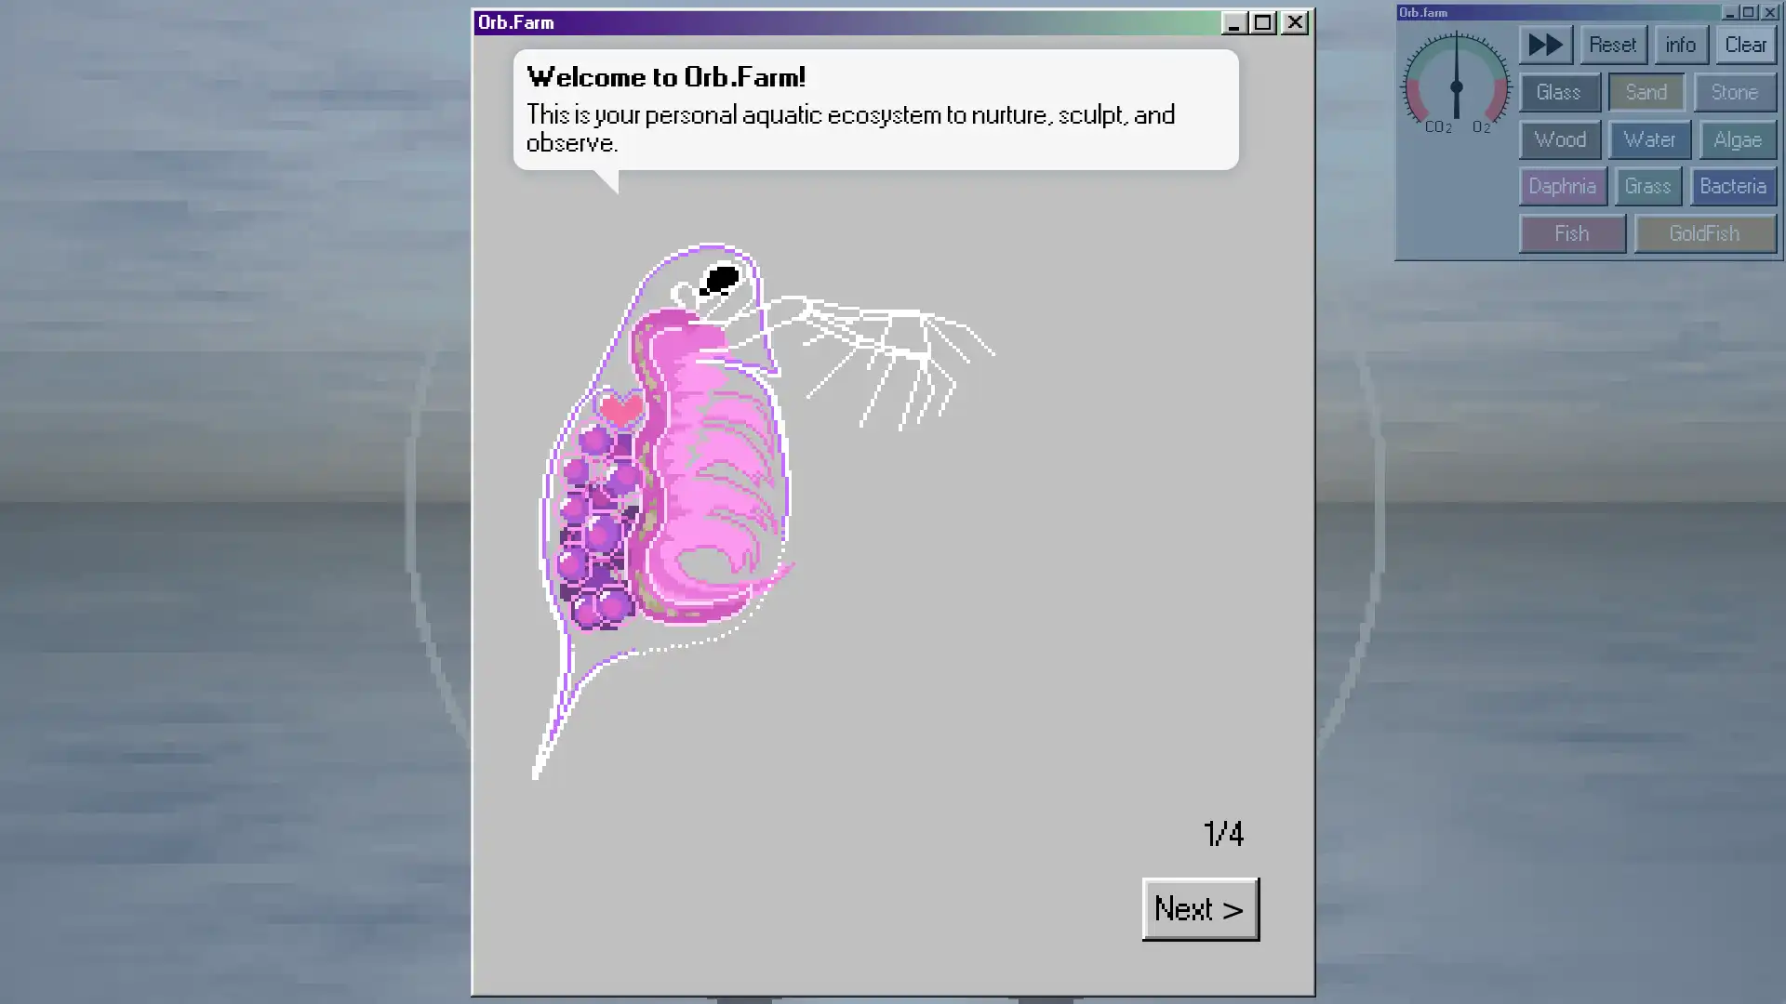 The width and height of the screenshot is (1786, 1004). Describe the element at coordinates (399, 301) in the screenshot. I see `Next >` at that location.